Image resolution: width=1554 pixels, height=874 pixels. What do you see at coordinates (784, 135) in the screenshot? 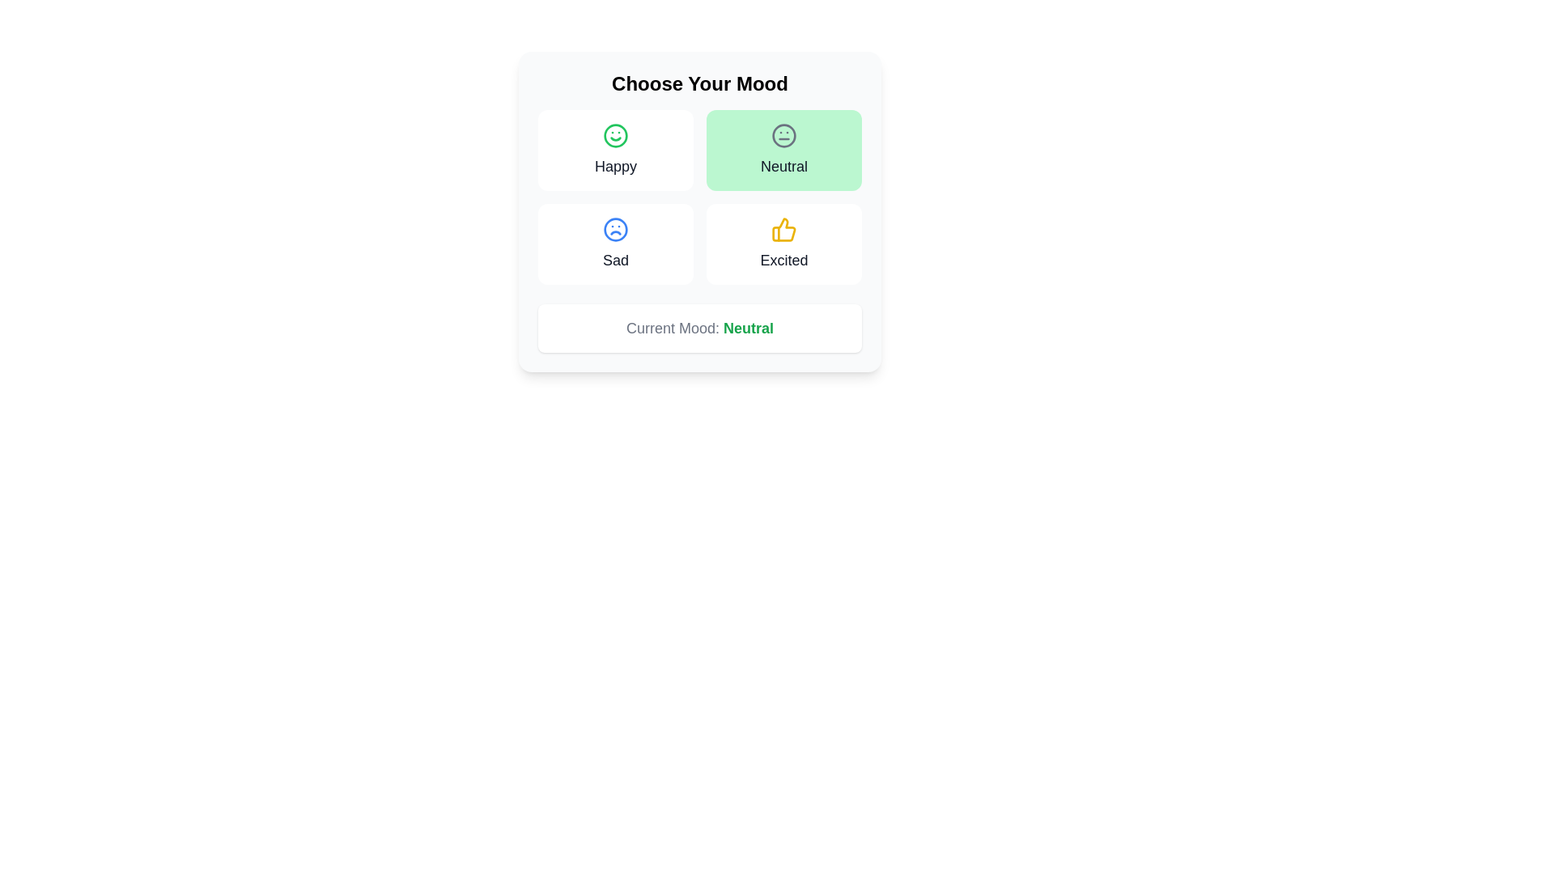
I see `the neutral mood icon located at the center of the green box labeled 'Neutral' in the mood selection interface` at bounding box center [784, 135].